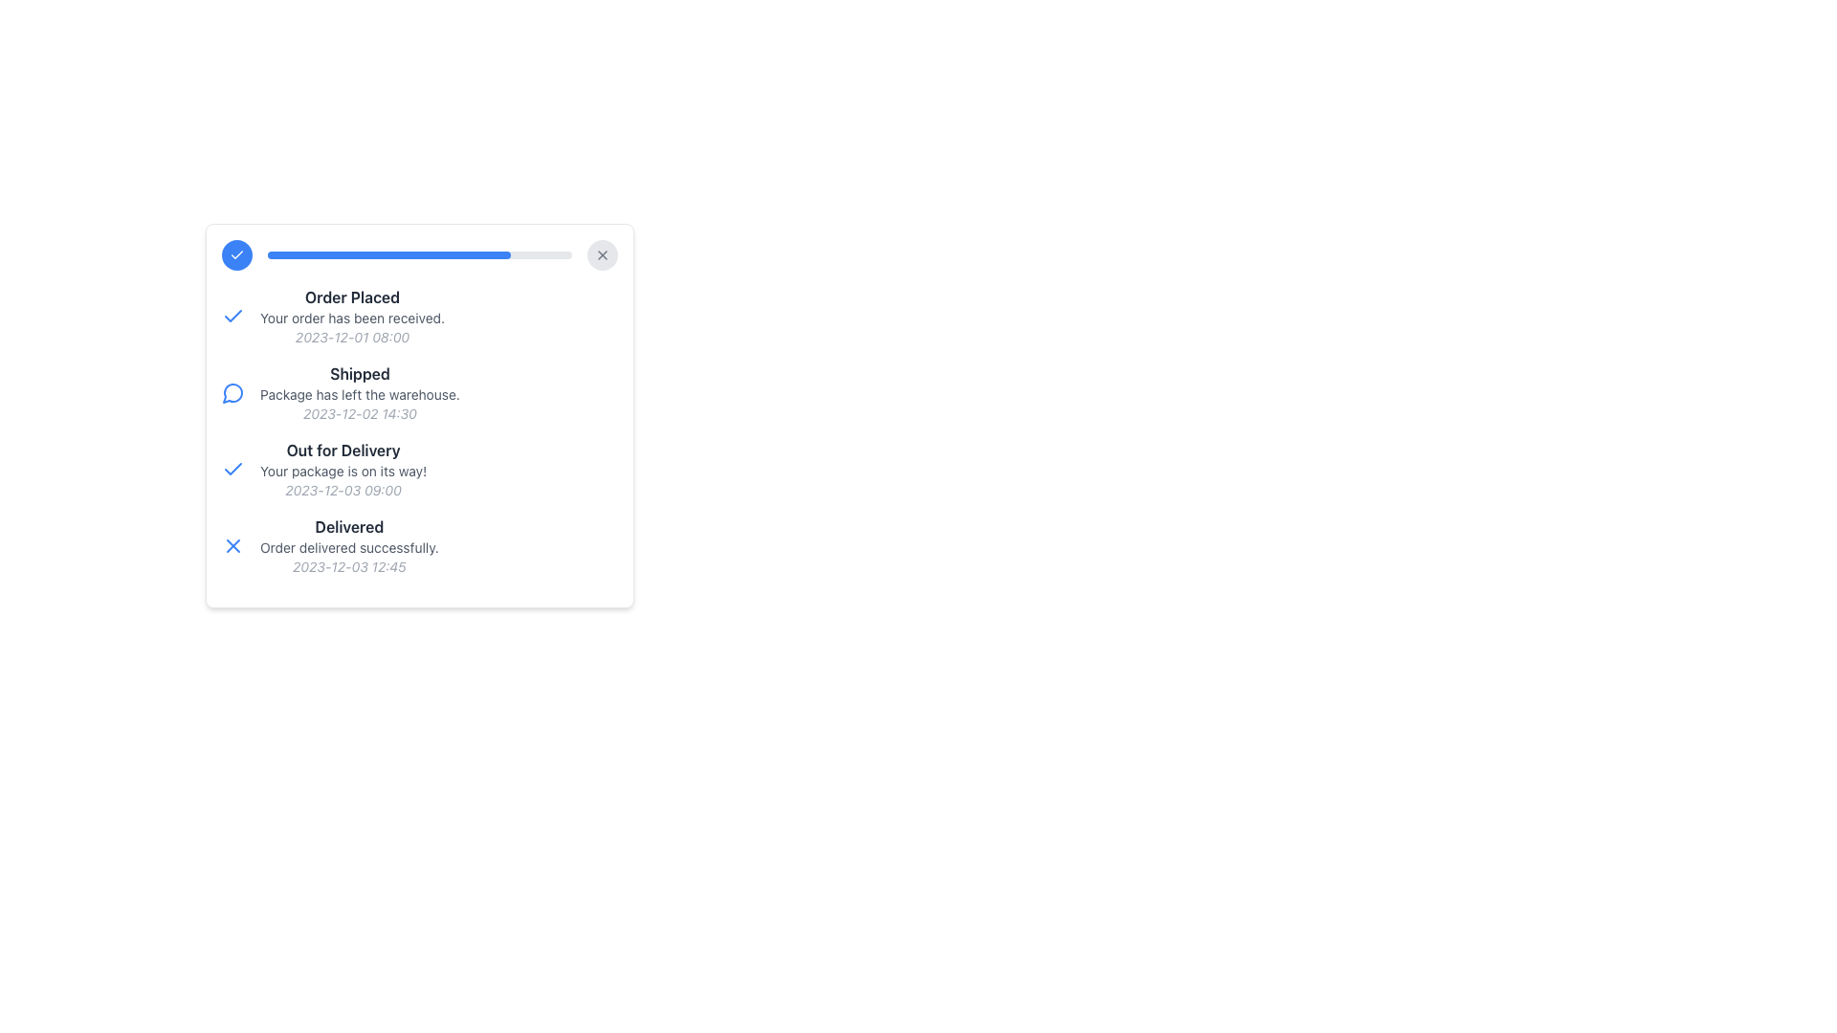 The height and width of the screenshot is (1033, 1837). What do you see at coordinates (232, 545) in the screenshot?
I see `the 'X' icon with a bold blue outline located to the left of the 'Delivered' text in the progress section` at bounding box center [232, 545].